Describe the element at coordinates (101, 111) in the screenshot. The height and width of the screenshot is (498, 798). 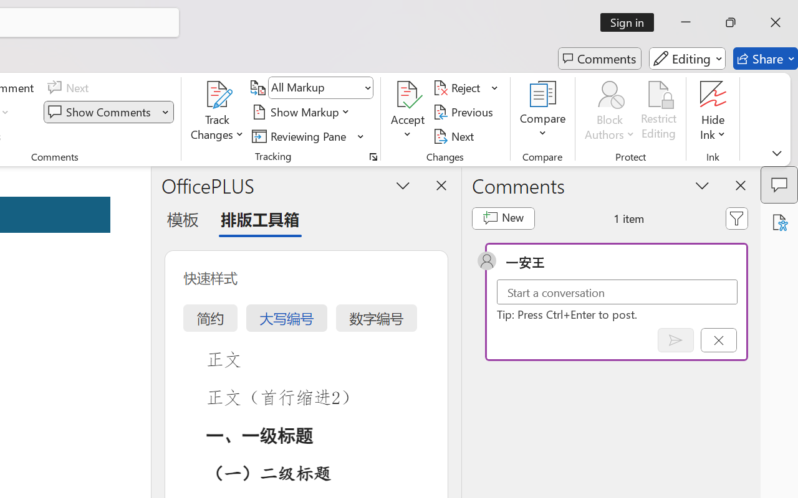
I see `'Show Comments'` at that location.